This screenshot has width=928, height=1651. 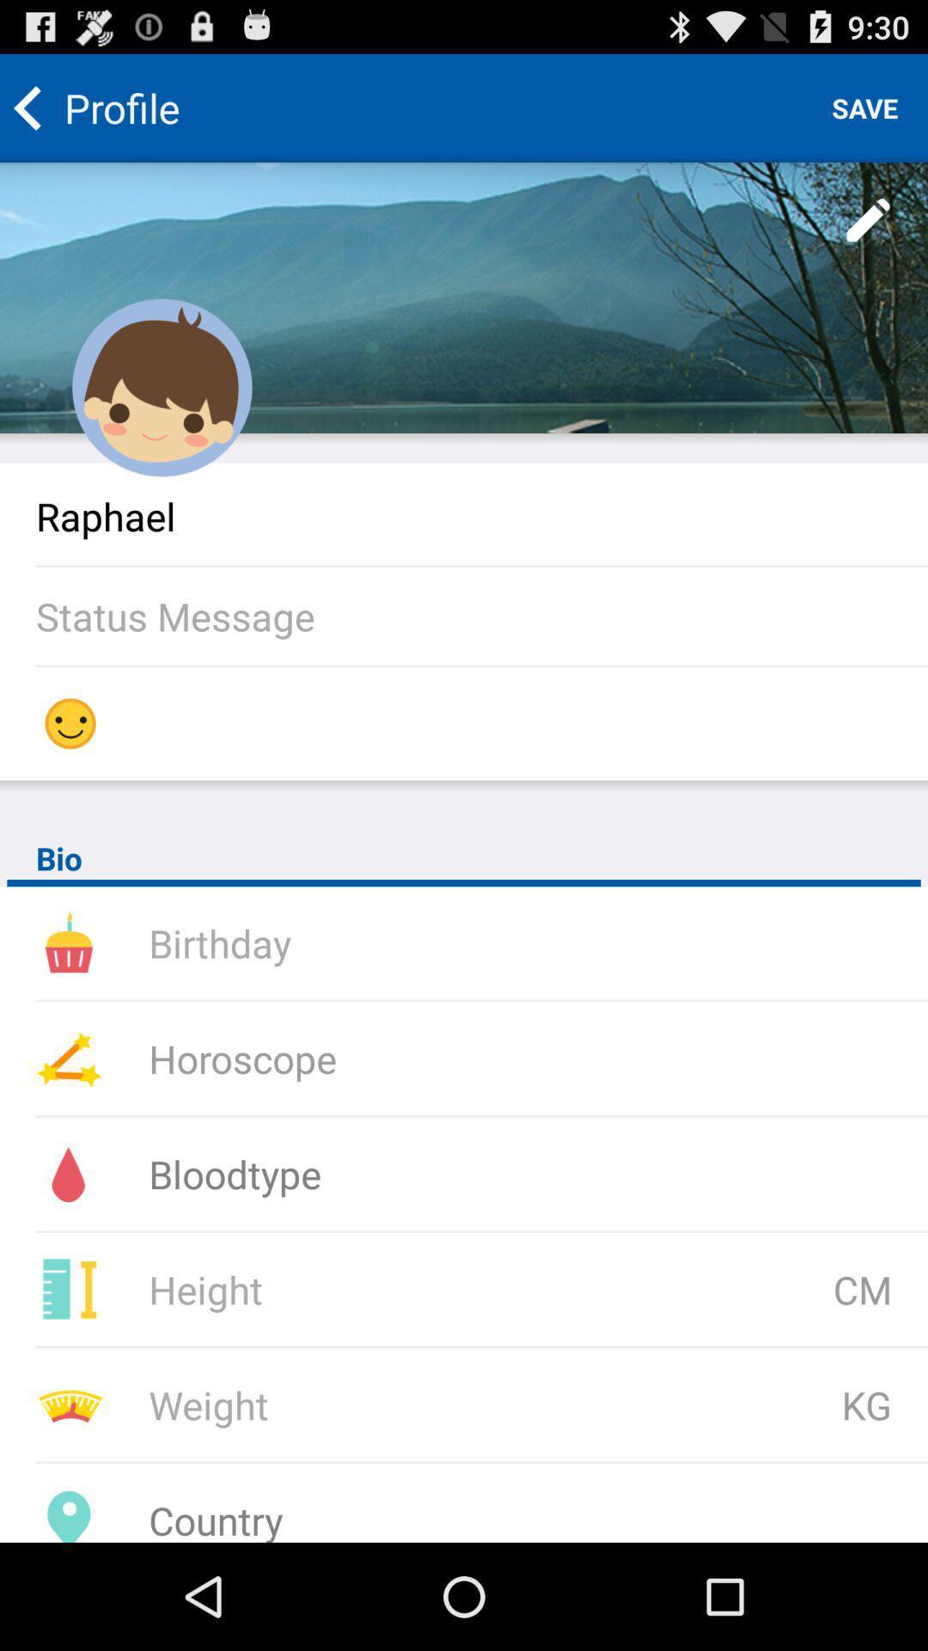 What do you see at coordinates (869, 220) in the screenshot?
I see `edit photo` at bounding box center [869, 220].